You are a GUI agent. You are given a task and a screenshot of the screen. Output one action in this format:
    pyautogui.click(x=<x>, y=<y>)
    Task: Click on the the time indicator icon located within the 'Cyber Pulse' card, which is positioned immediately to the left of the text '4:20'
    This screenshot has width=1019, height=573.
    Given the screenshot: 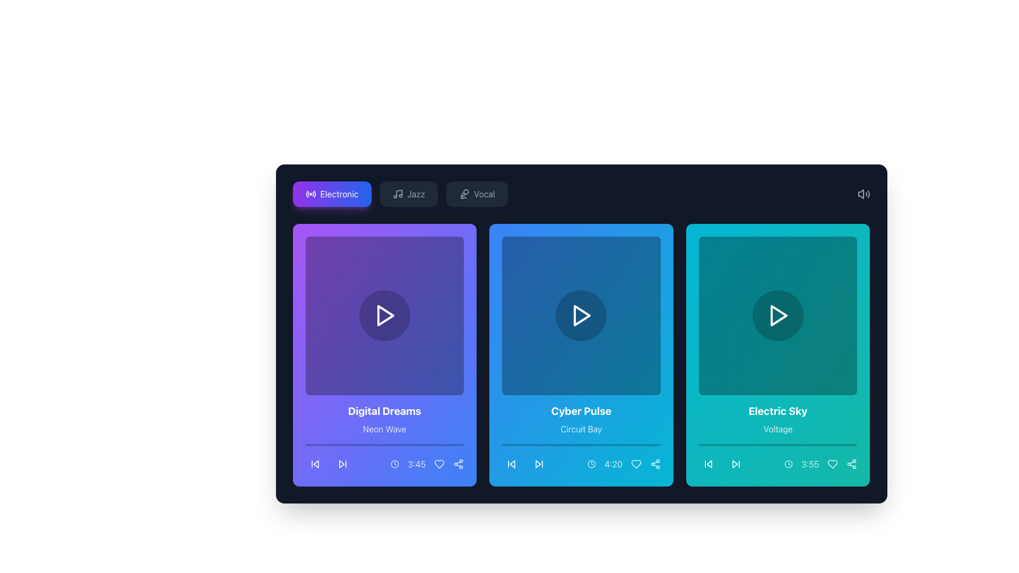 What is the action you would take?
    pyautogui.click(x=591, y=463)
    